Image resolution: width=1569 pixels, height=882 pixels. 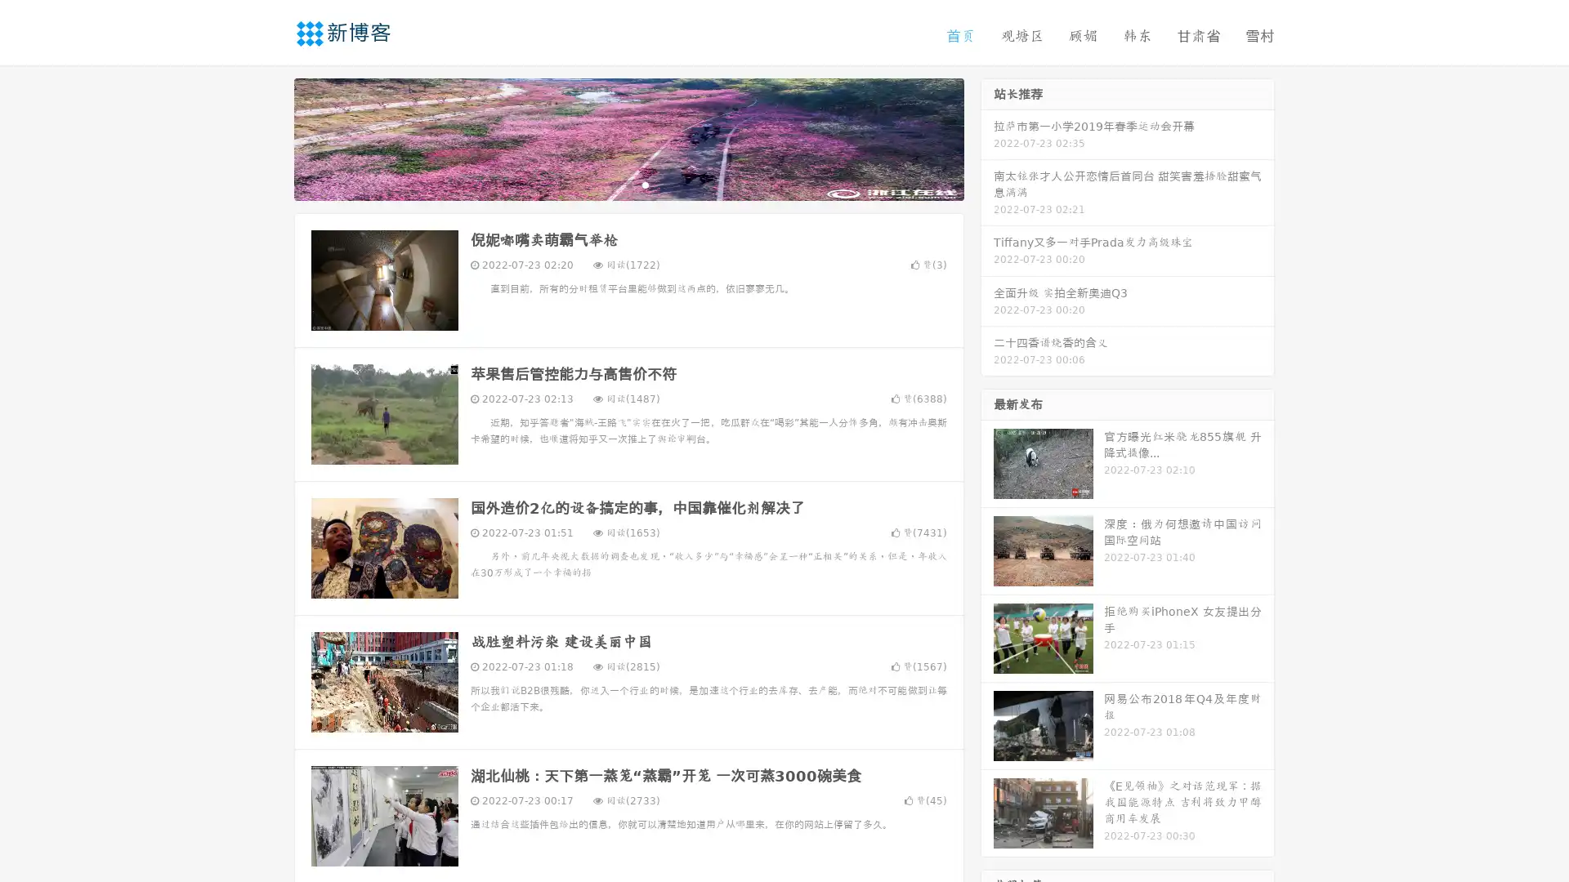 What do you see at coordinates (987, 137) in the screenshot?
I see `Next slide` at bounding box center [987, 137].